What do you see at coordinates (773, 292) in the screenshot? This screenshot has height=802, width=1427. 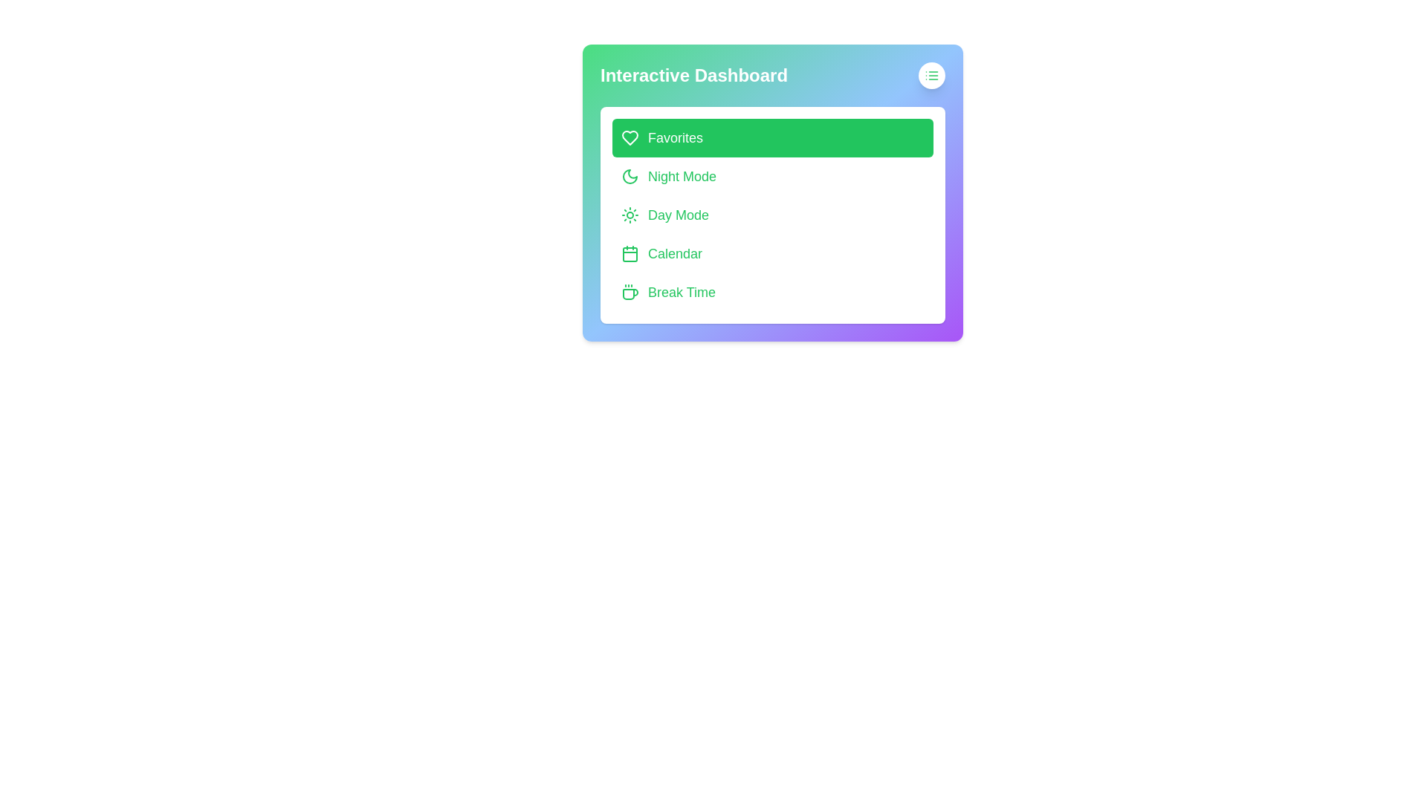 I see `the menu option Break Time in the Interactive Dashboard` at bounding box center [773, 292].